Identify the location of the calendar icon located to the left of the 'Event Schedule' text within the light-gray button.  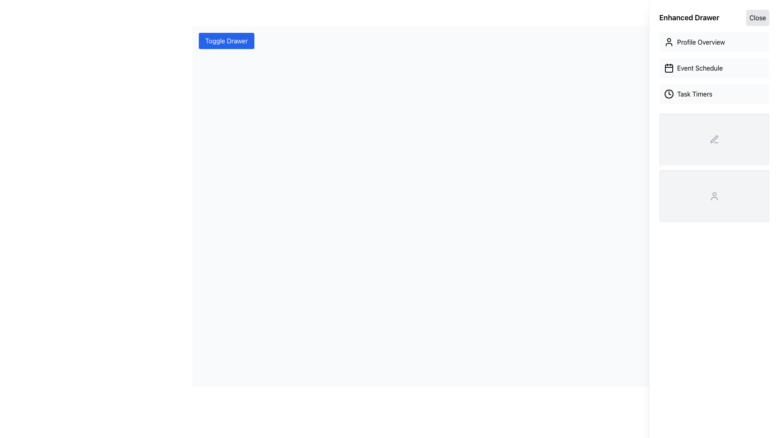
(669, 68).